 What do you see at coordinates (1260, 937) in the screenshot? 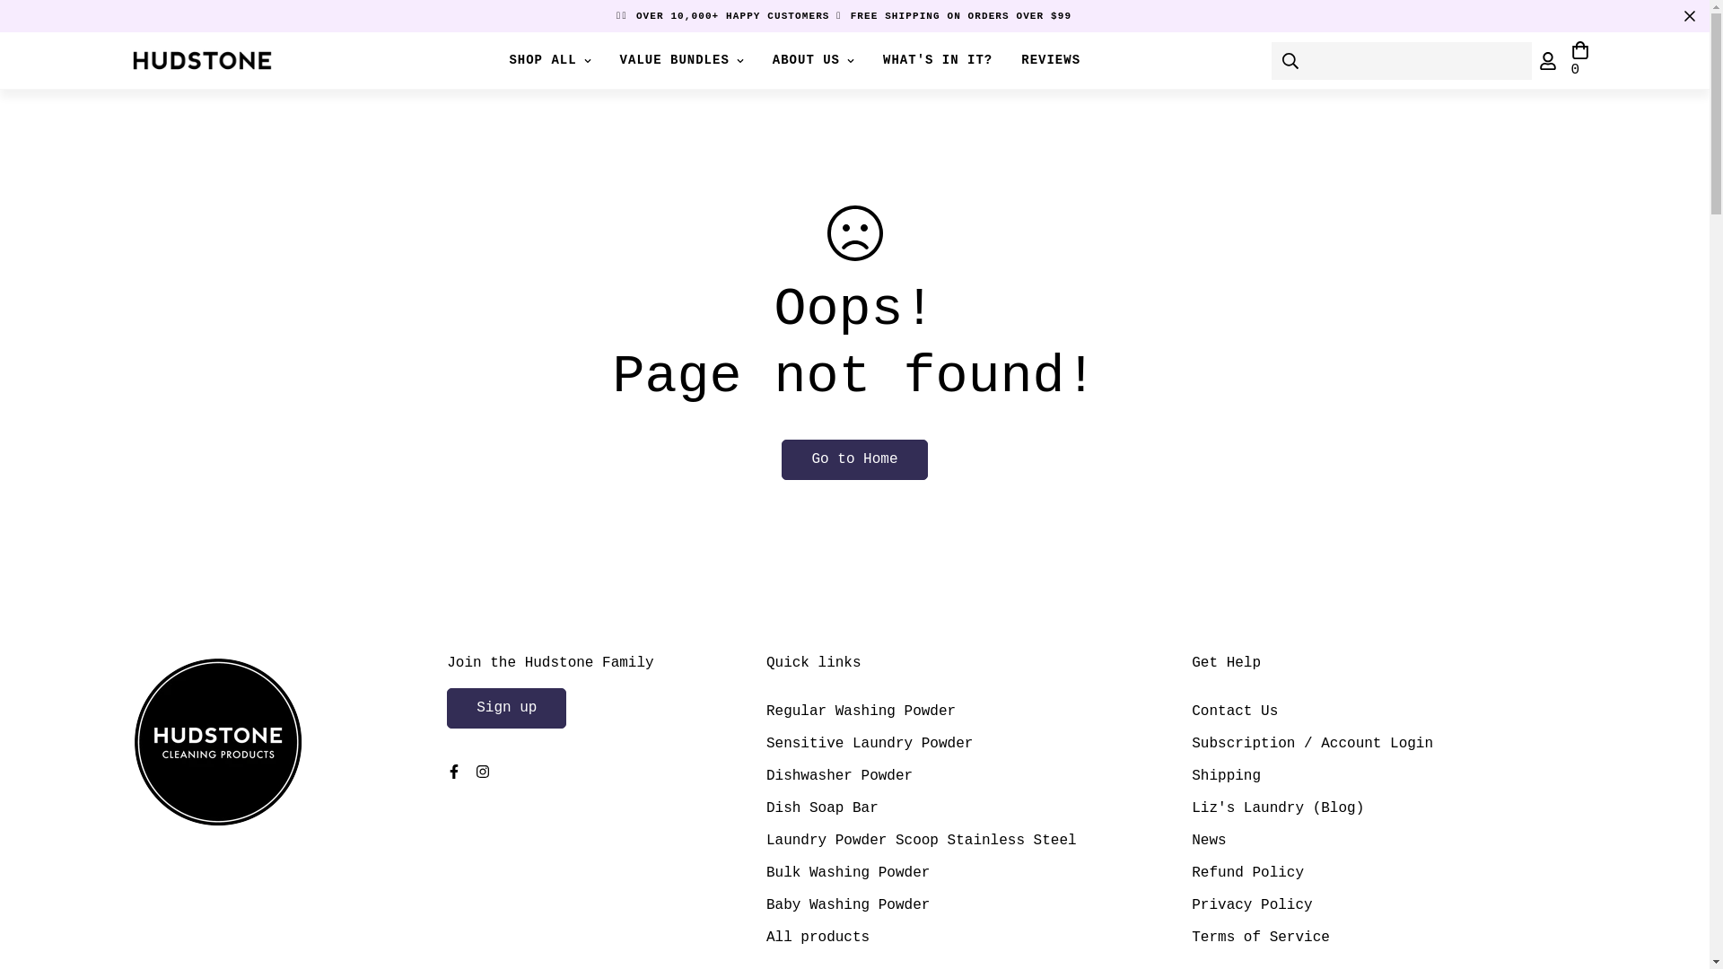
I see `'Terms of Service'` at bounding box center [1260, 937].